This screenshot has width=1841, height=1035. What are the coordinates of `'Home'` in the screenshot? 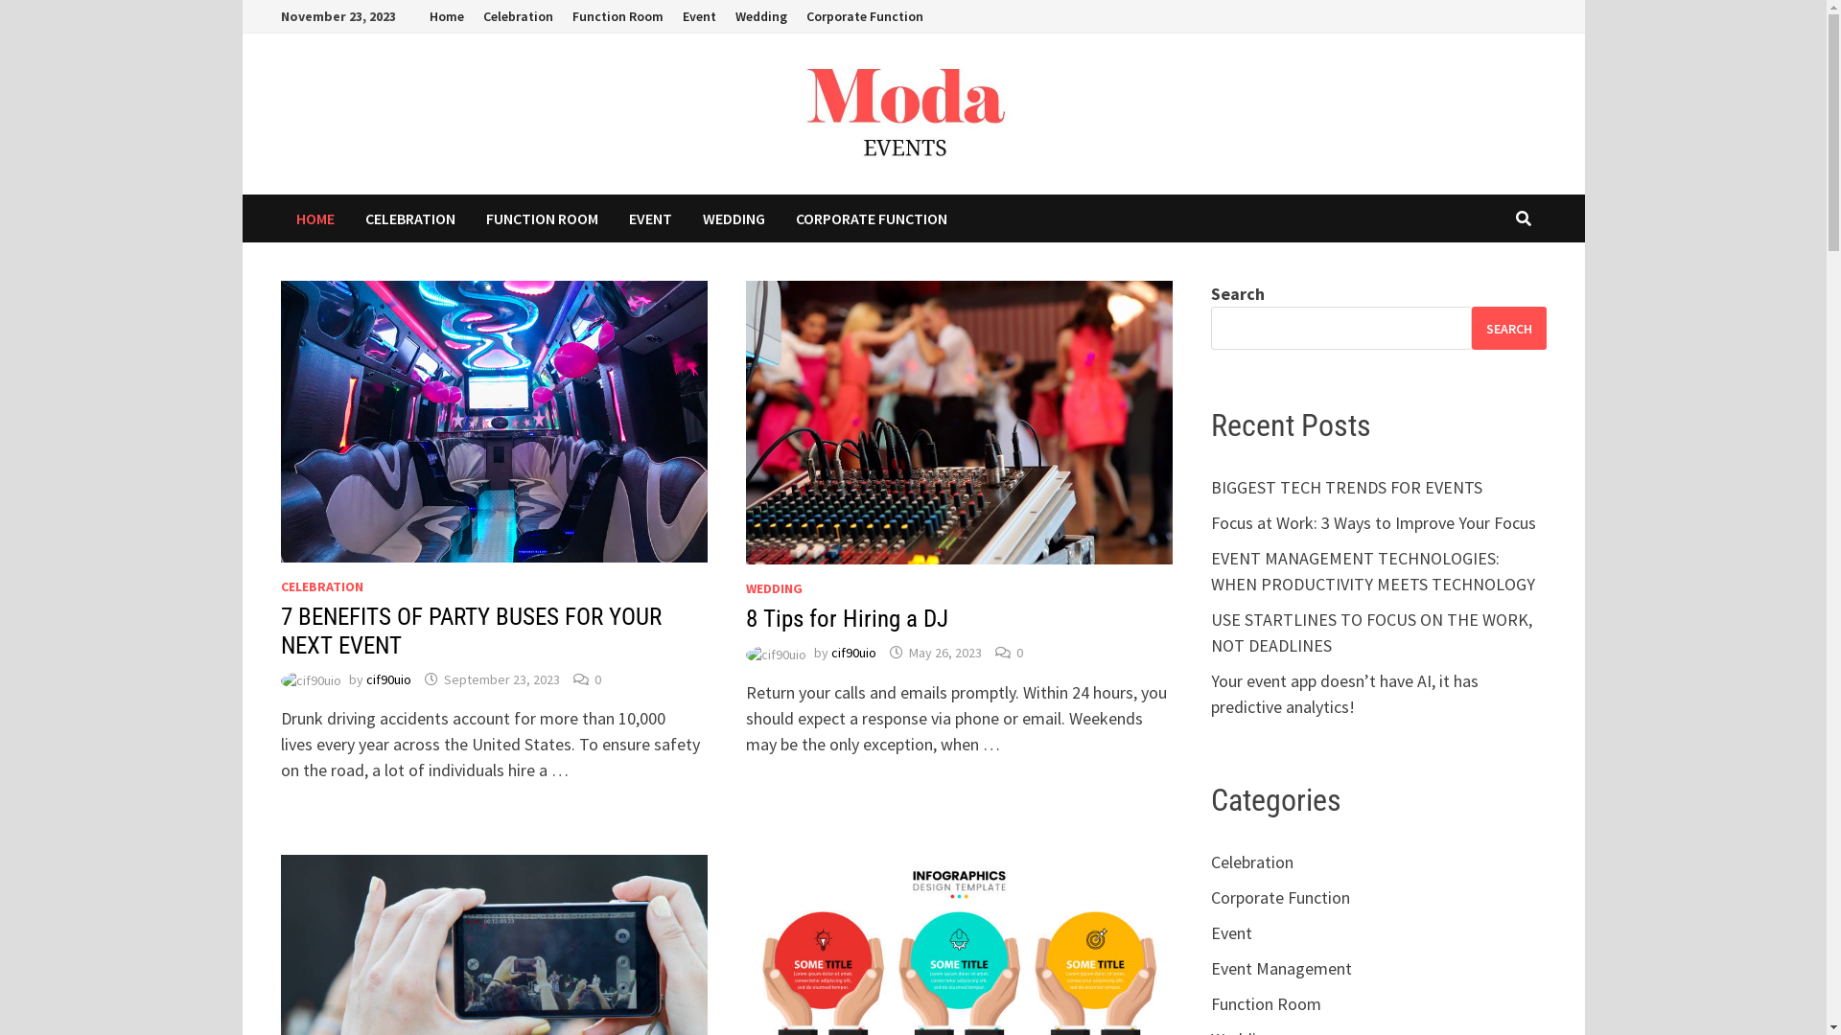 It's located at (418, 16).